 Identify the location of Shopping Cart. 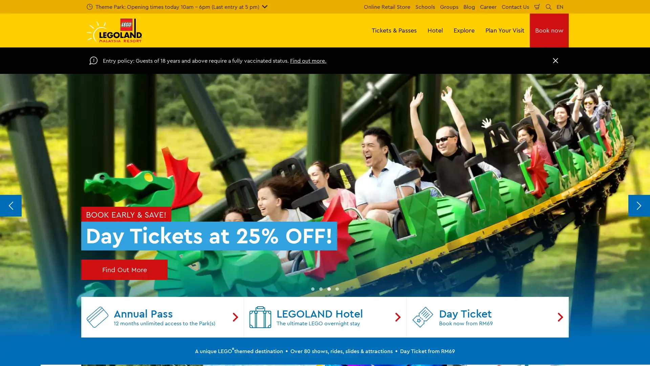
(537, 6).